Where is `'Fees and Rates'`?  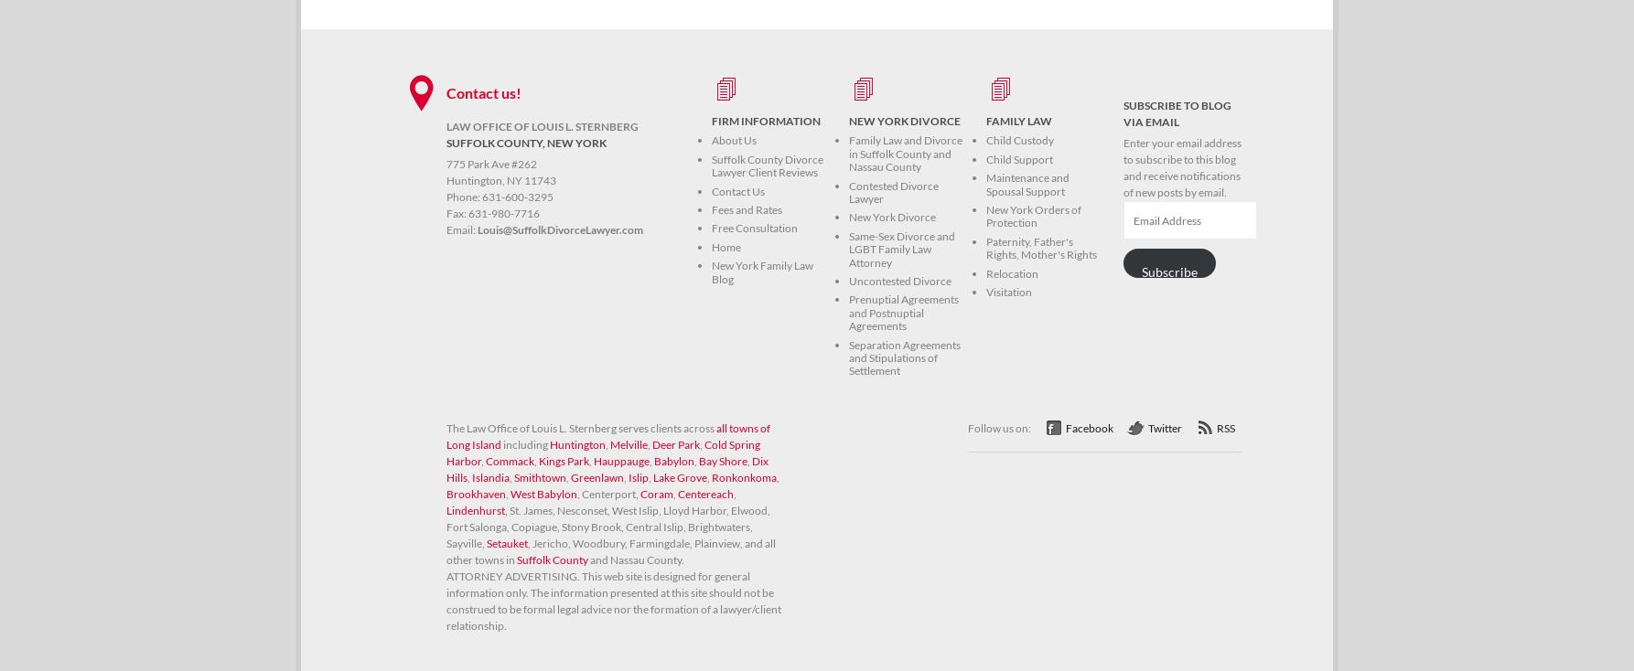
'Fees and Rates' is located at coordinates (746, 209).